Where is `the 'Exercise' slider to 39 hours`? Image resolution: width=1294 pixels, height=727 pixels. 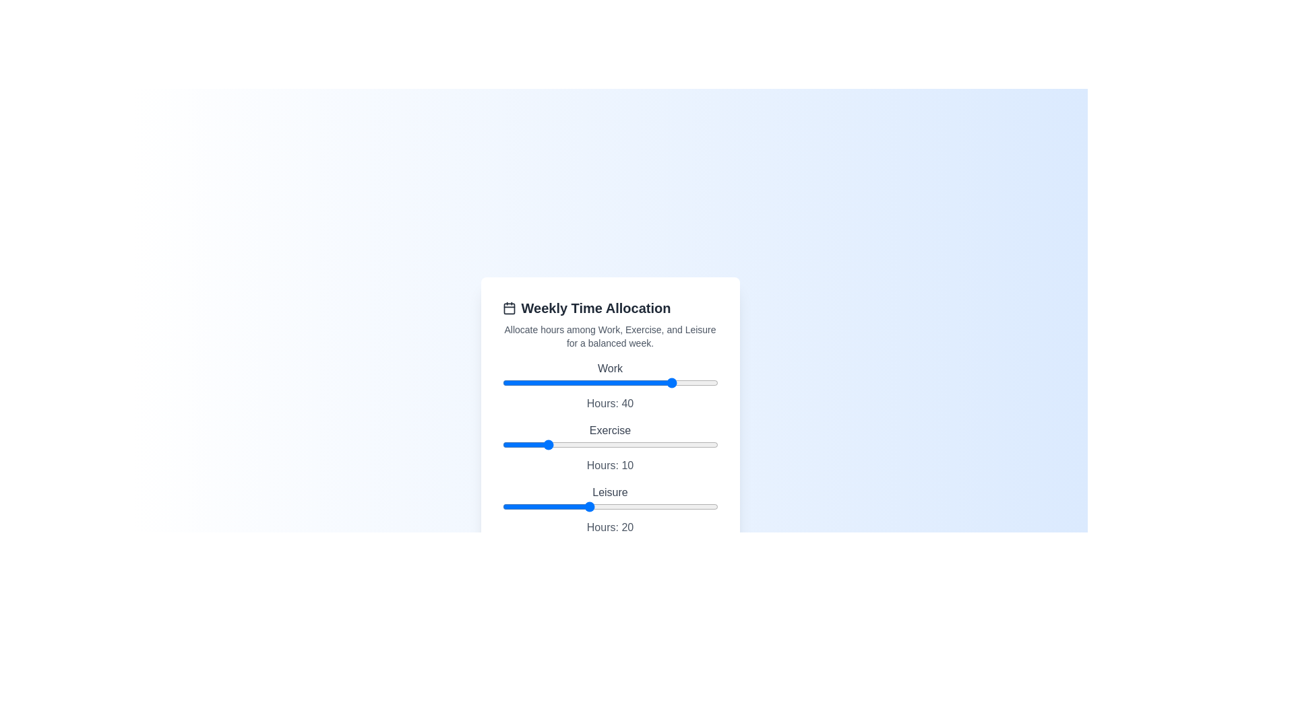 the 'Exercise' slider to 39 hours is located at coordinates (671, 444).